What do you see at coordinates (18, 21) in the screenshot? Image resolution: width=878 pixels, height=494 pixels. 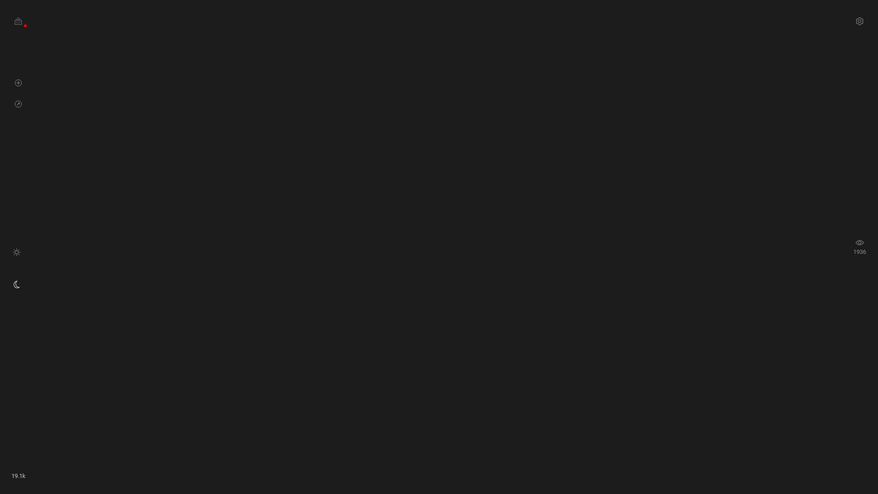 I see `'Drawer'` at bounding box center [18, 21].